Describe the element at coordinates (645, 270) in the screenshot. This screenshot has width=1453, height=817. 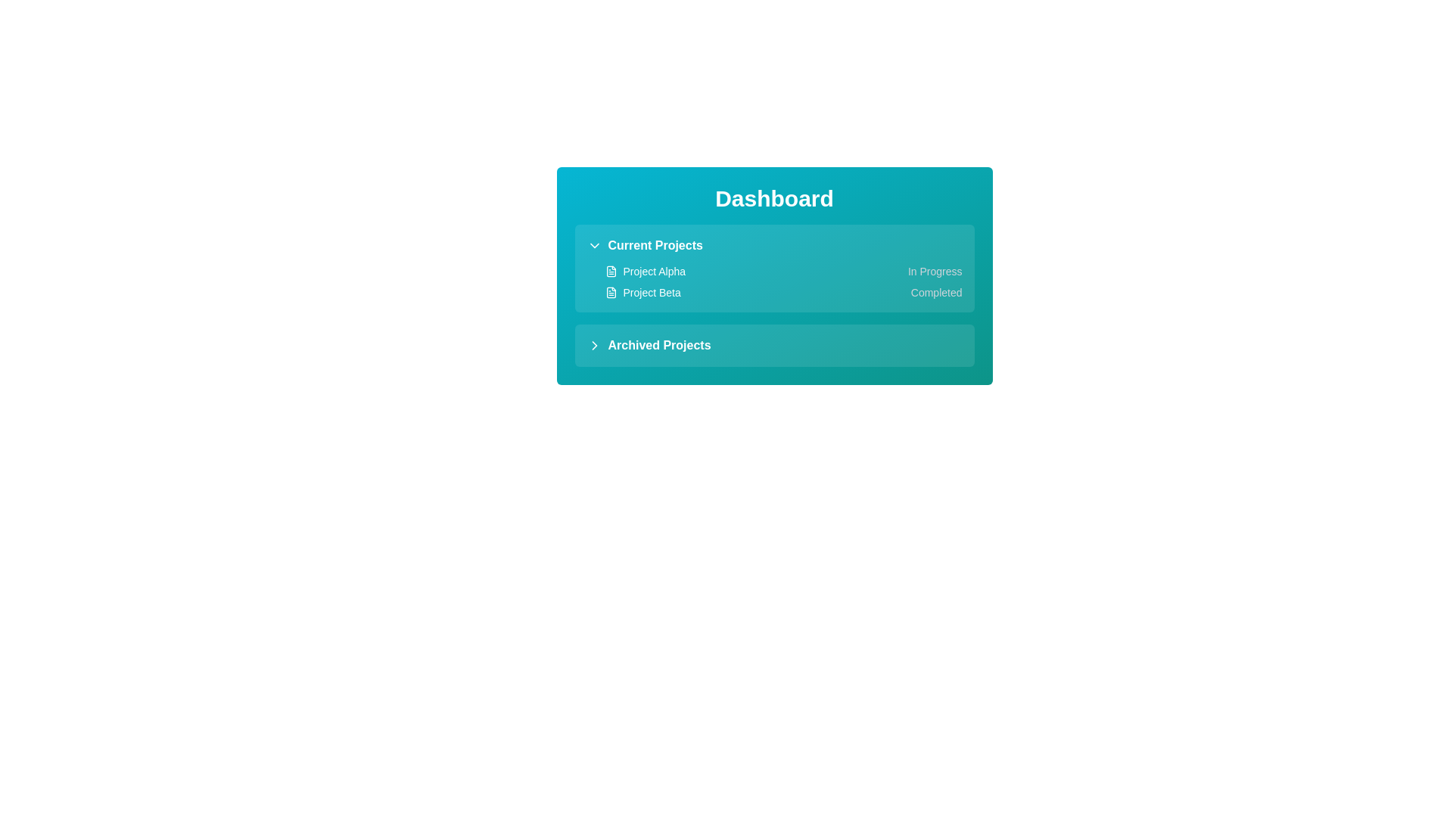
I see `the List Item representing 'Project Alpha'` at that location.